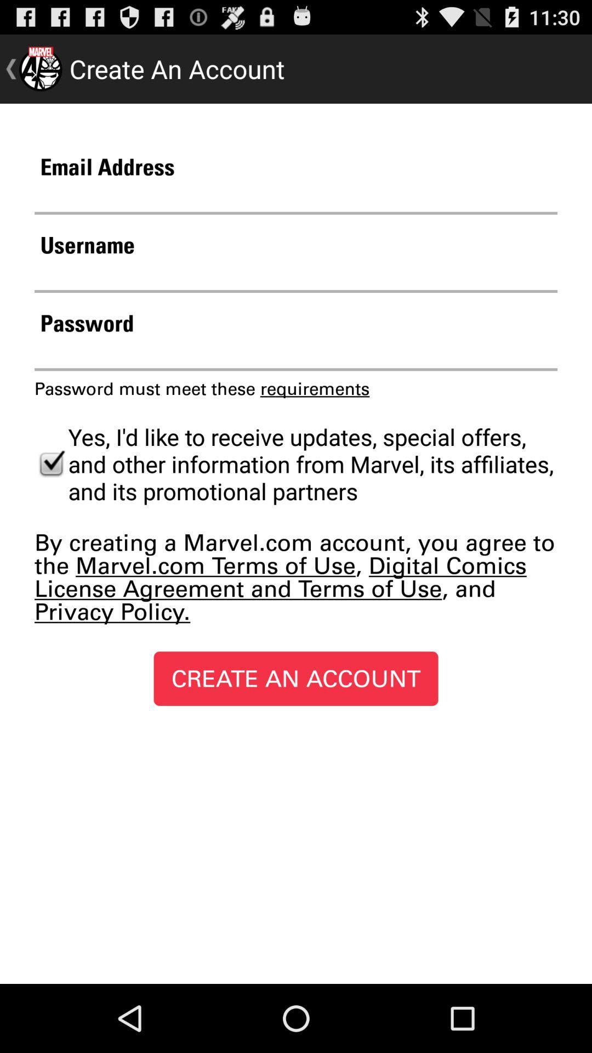 The image size is (592, 1053). Describe the element at coordinates (296, 354) in the screenshot. I see `your password` at that location.